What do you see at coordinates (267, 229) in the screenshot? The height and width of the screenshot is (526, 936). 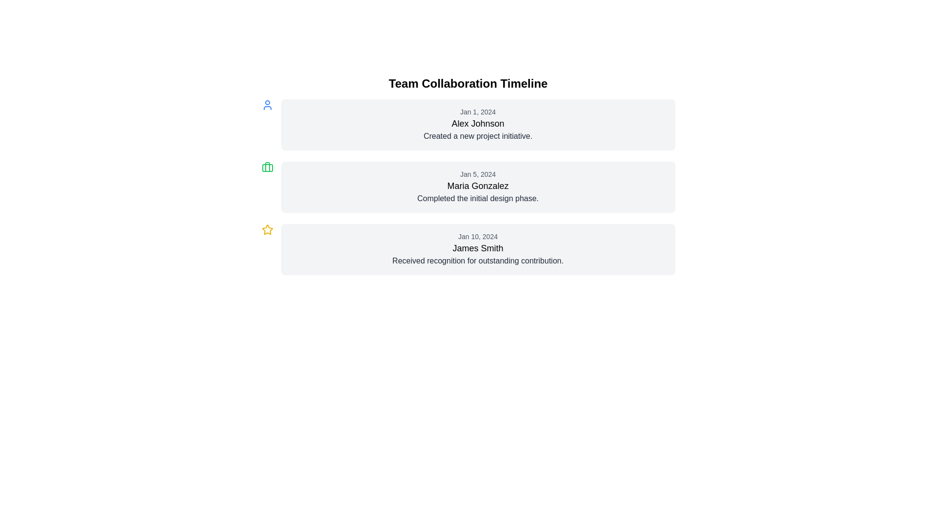 I see `the yellow star-shaped icon located to the left of the text content in the last timeline entry for interaction` at bounding box center [267, 229].